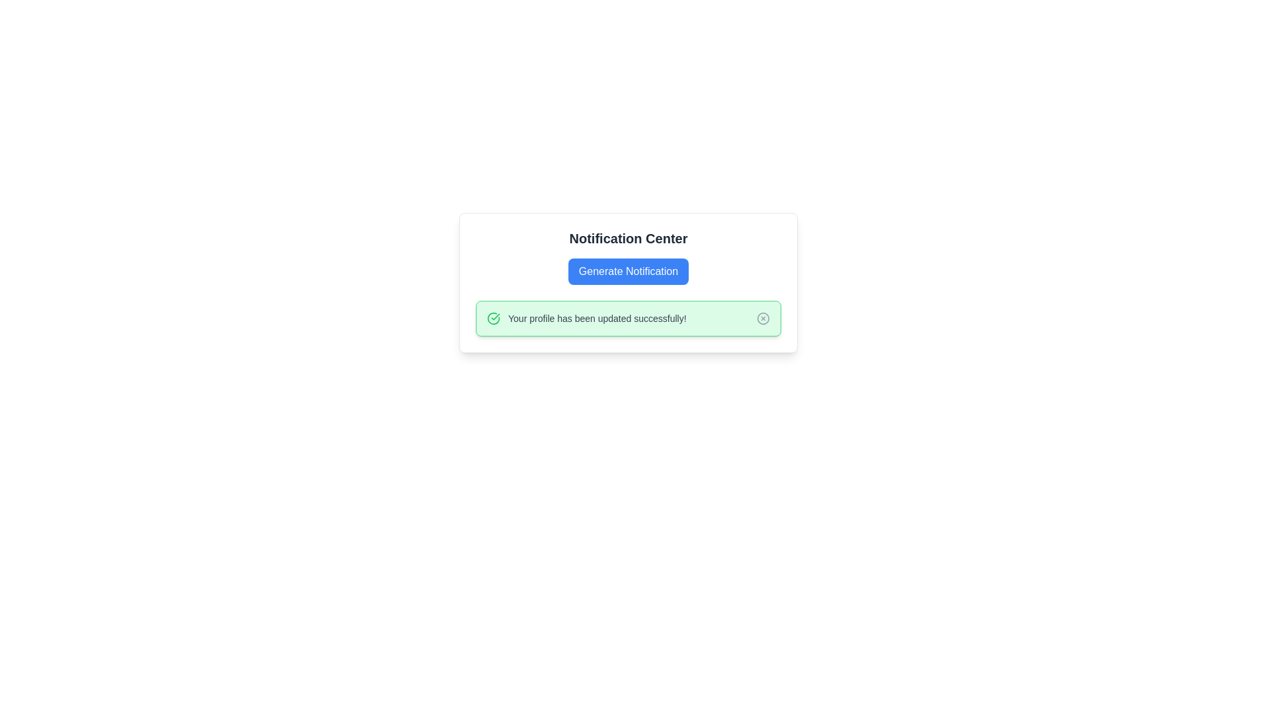  What do you see at coordinates (627, 319) in the screenshot?
I see `notification text from the Notification Bar, which has a vibrant green background and contains the message 'Your profile has been updated successfully!'` at bounding box center [627, 319].